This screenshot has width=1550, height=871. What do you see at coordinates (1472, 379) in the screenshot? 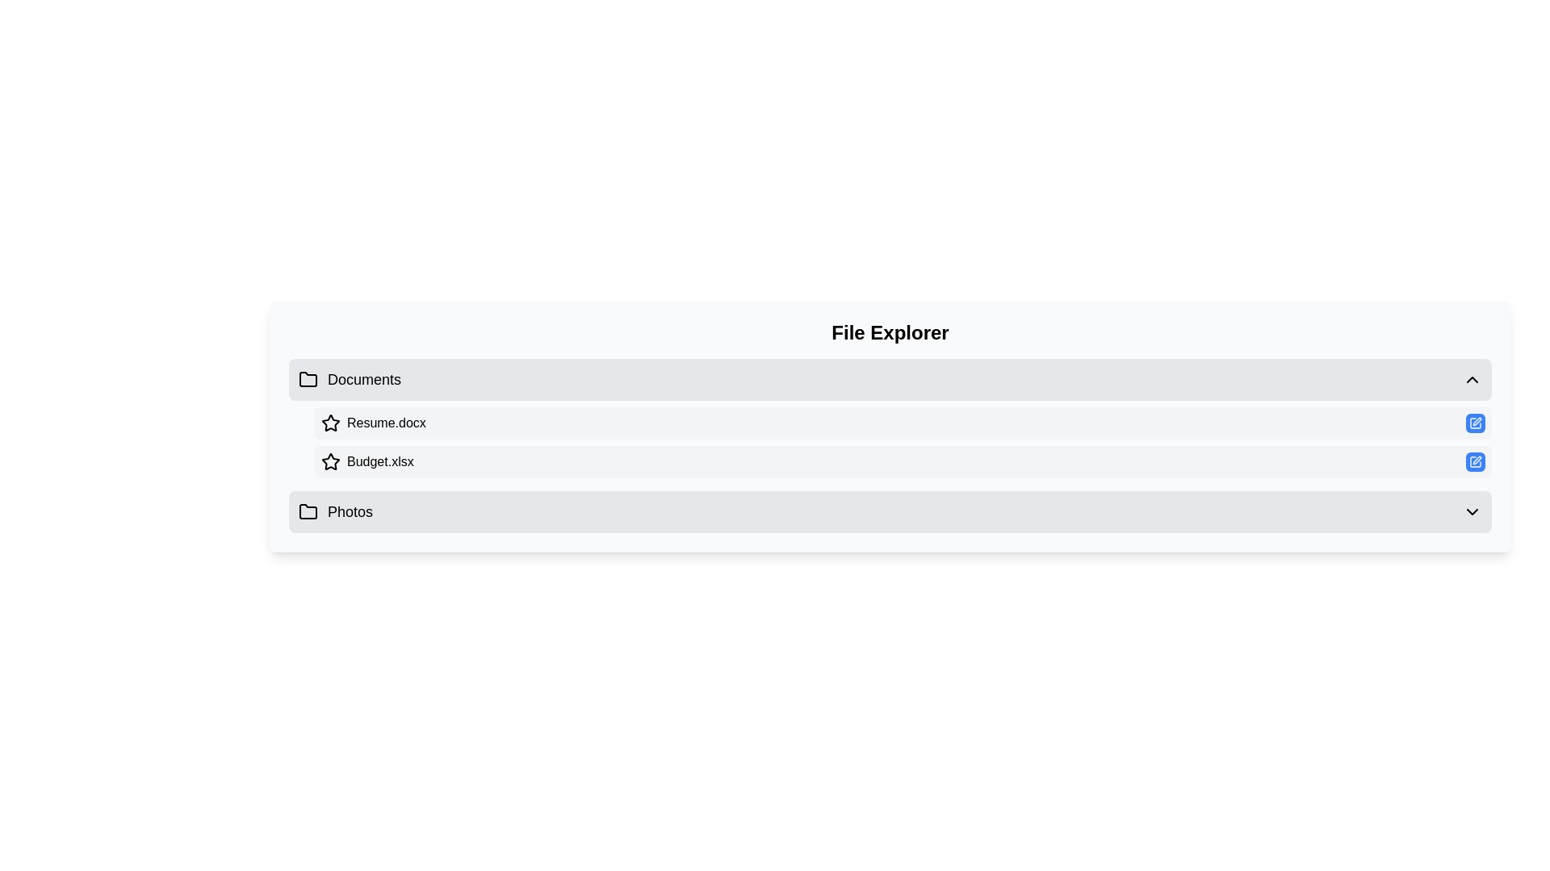
I see `the Chevron toggle icon located on the right side of the 'Documents' section header` at bounding box center [1472, 379].